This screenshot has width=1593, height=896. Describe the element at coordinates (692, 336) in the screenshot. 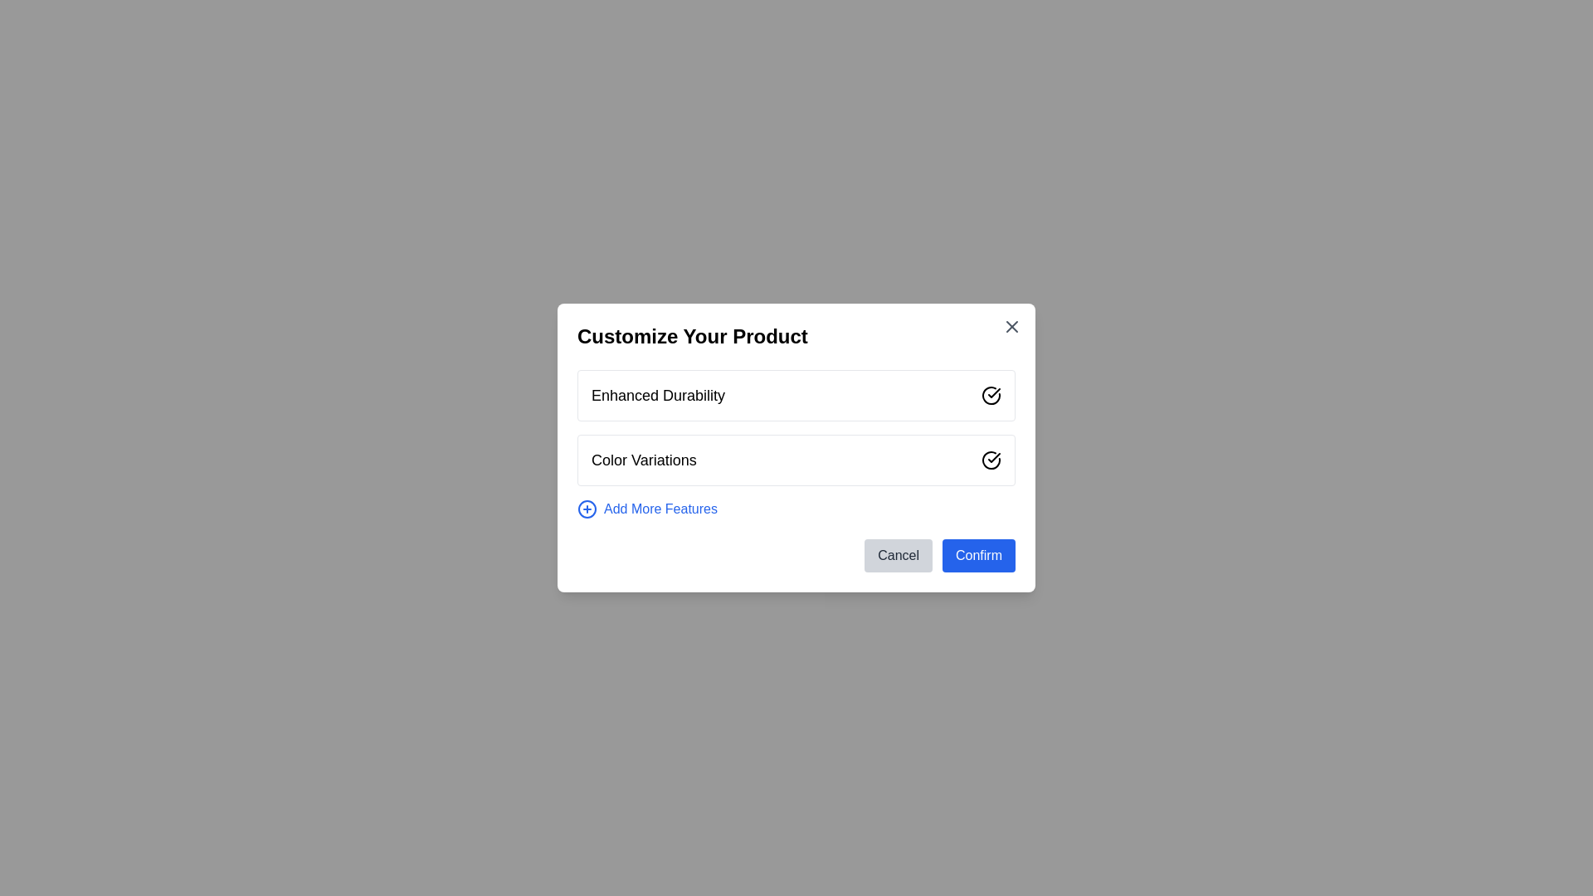

I see `the title text of the modal dialog that informs the user about the content or purpose of the dialog` at that location.